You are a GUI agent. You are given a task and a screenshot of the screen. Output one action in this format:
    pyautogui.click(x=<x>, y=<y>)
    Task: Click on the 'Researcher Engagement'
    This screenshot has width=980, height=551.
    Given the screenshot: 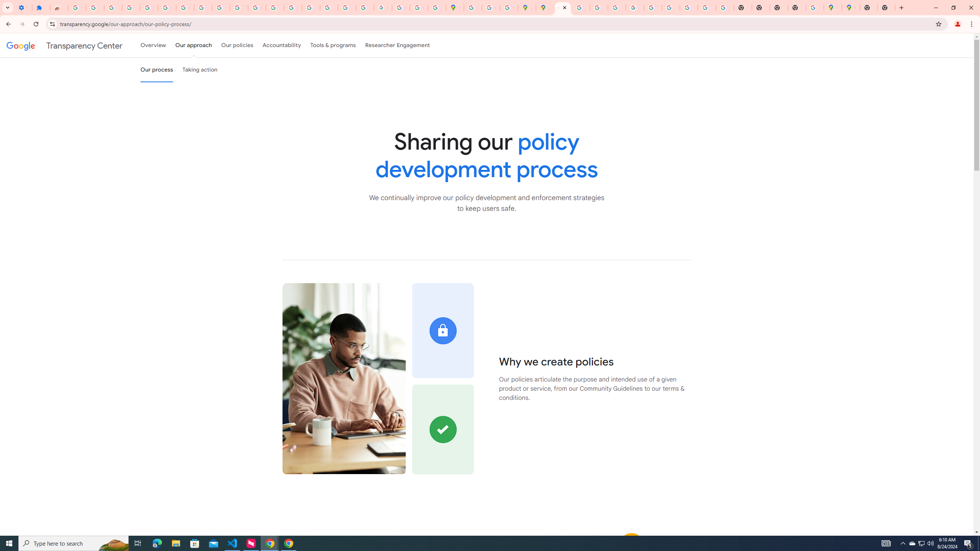 What is the action you would take?
    pyautogui.click(x=398, y=45)
    